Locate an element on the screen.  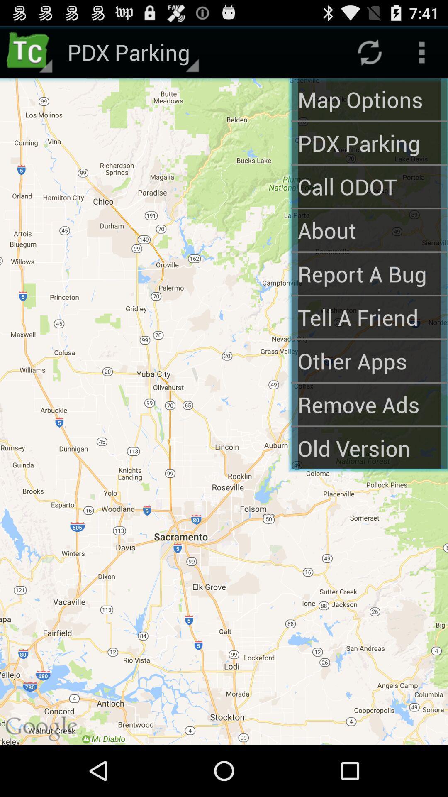
the refresh icon is located at coordinates (369, 55).